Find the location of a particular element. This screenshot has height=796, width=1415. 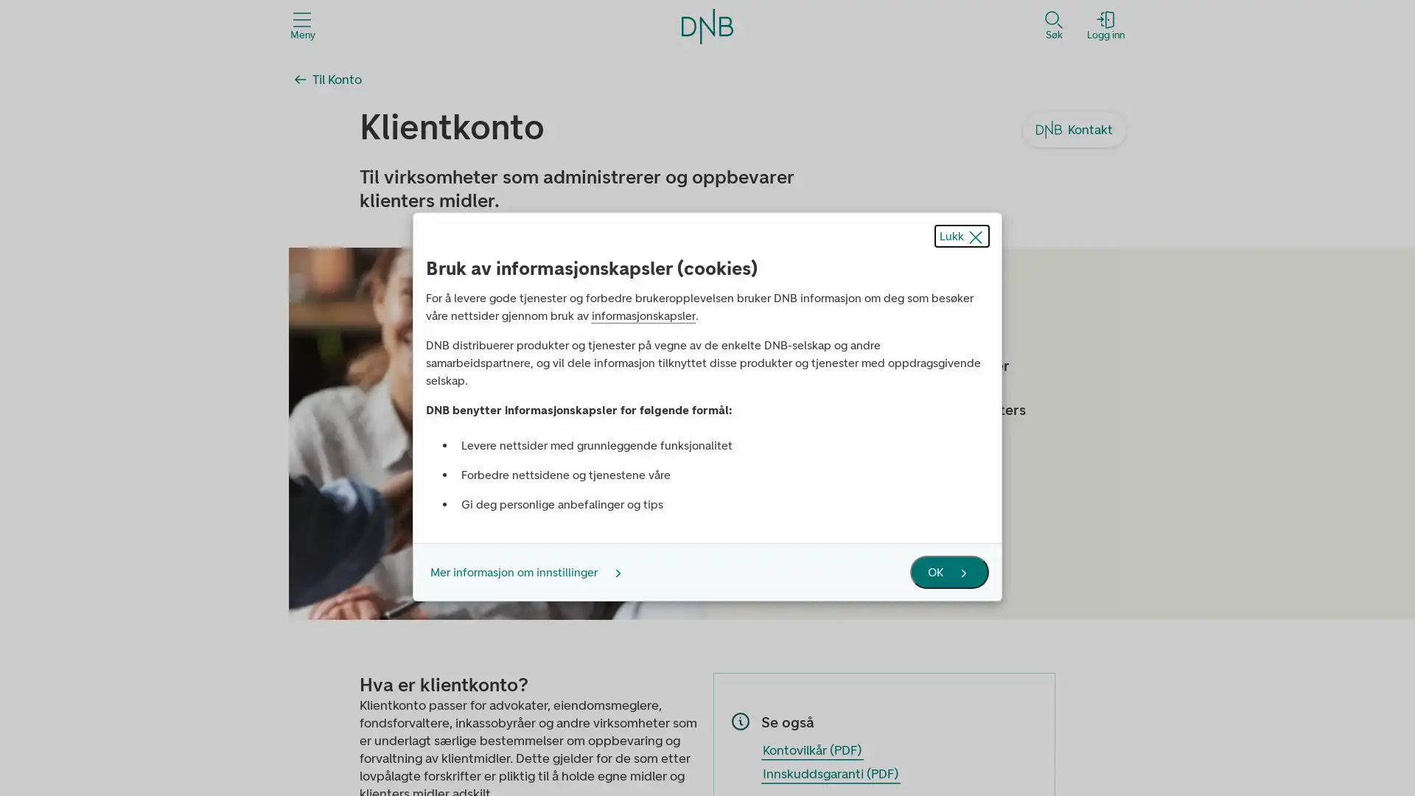

Logg inn is located at coordinates (1105, 25).